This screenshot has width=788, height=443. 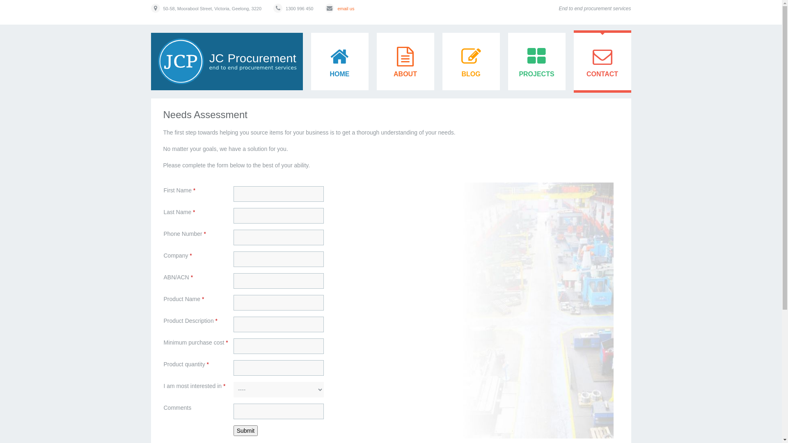 I want to click on 'HOME', so click(x=340, y=61).